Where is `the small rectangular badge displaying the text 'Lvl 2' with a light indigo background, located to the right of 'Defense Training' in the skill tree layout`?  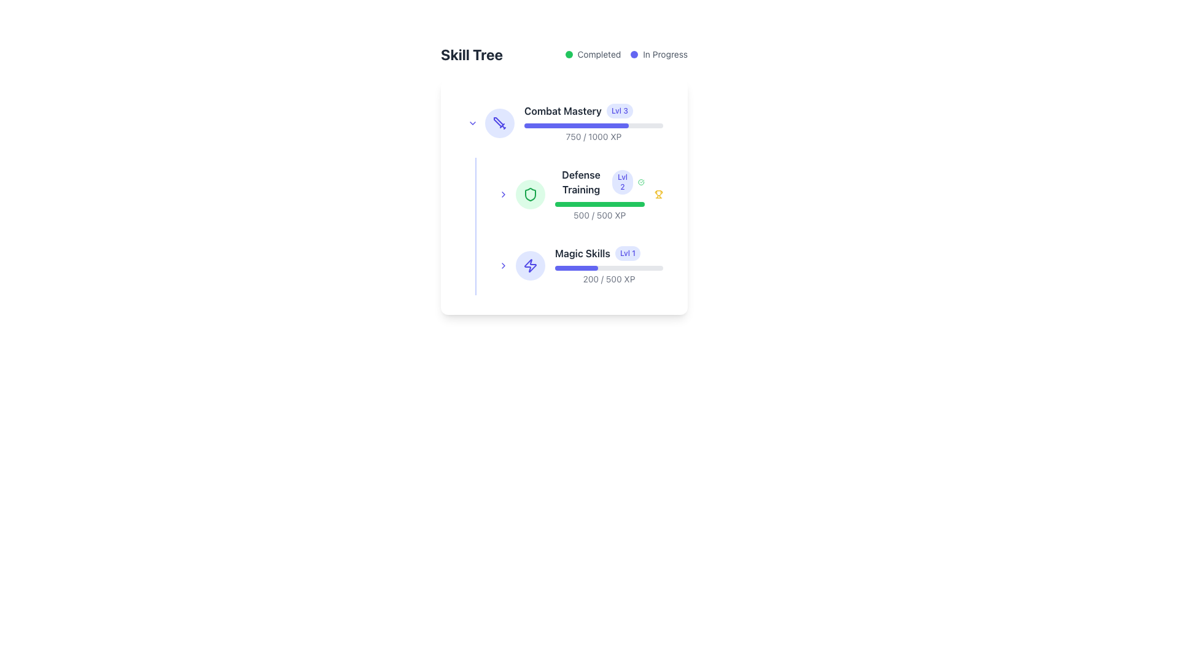
the small rectangular badge displaying the text 'Lvl 2' with a light indigo background, located to the right of 'Defense Training' in the skill tree layout is located at coordinates (623, 182).